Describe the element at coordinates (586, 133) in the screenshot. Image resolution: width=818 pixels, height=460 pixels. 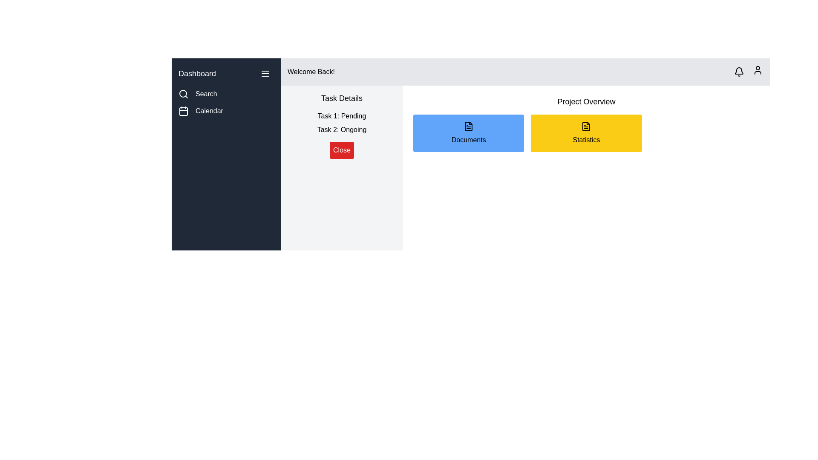
I see `the 'Statistics' card located in the second column under 'Project Overview', to the immediate right of the blue 'Documents' card` at that location.